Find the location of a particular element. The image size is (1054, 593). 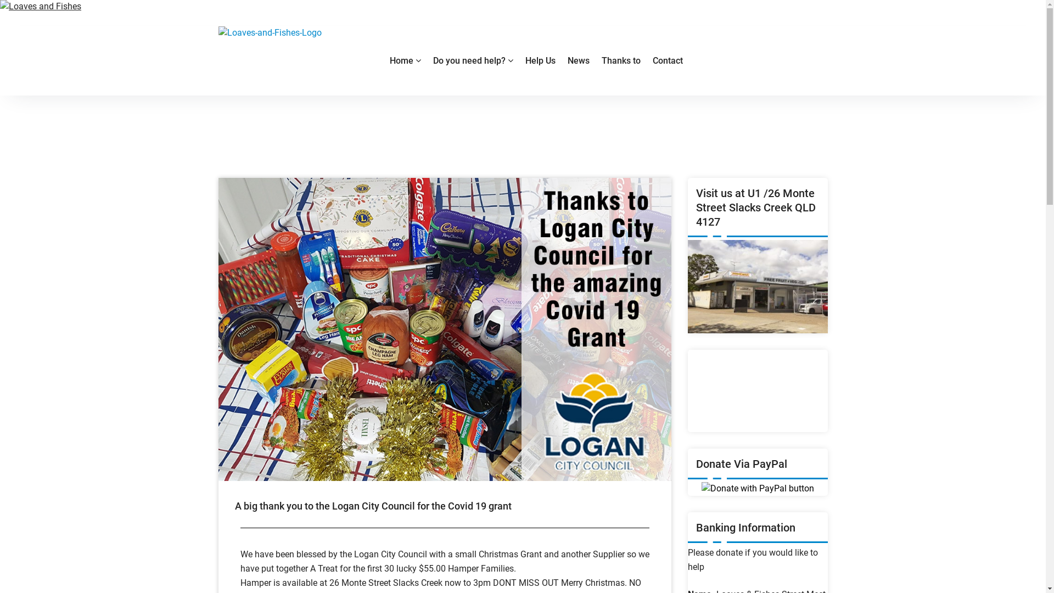

'News' is located at coordinates (577, 61).